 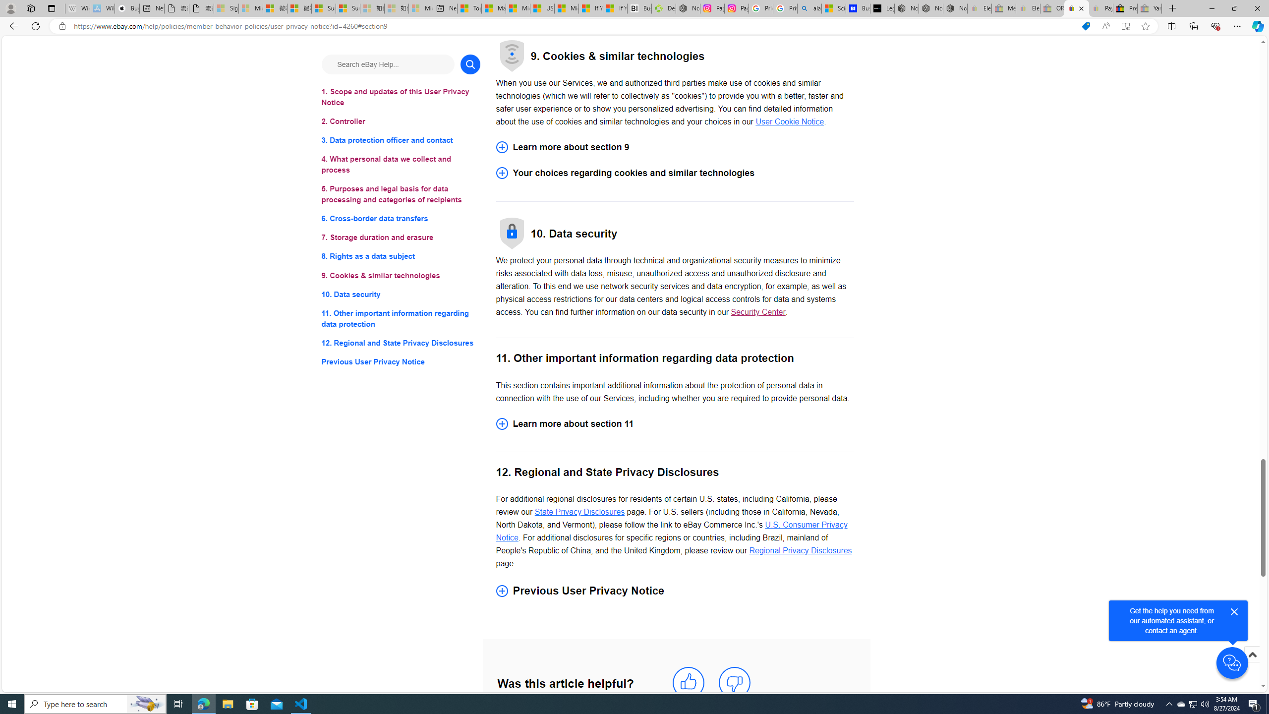 I want to click on '4. What personal data we collect and process', so click(x=400, y=165).